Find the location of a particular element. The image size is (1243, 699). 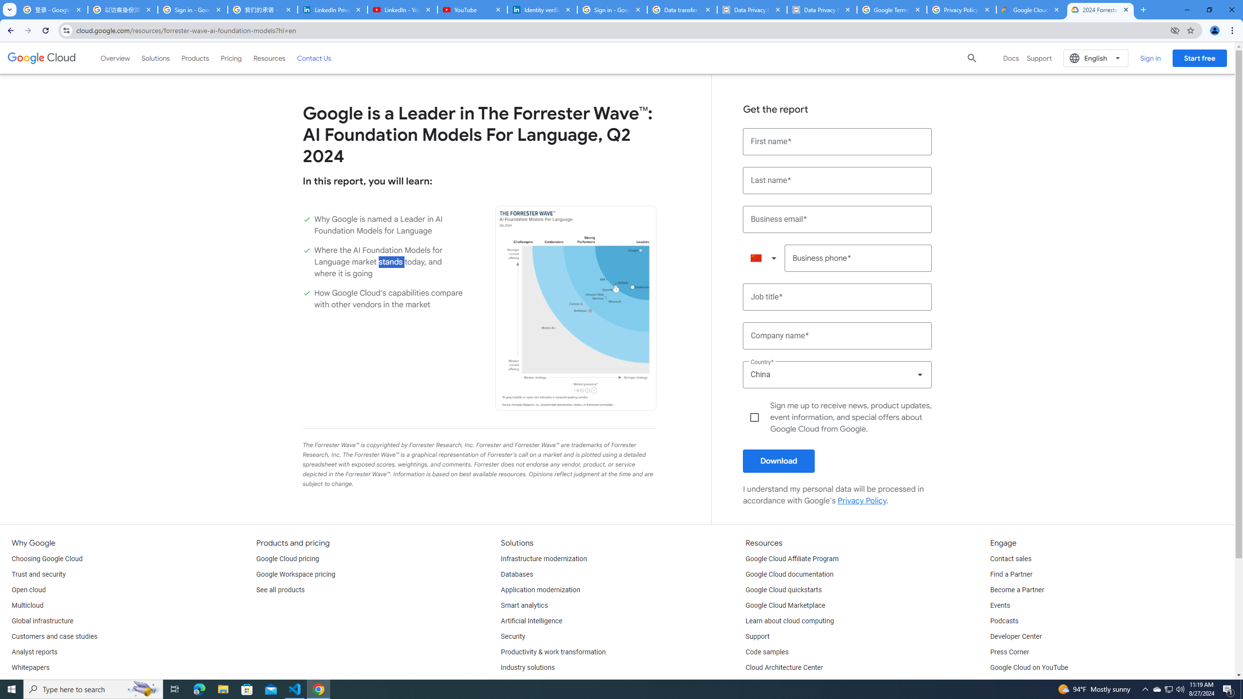

'Customers and case studies' is located at coordinates (54, 636).